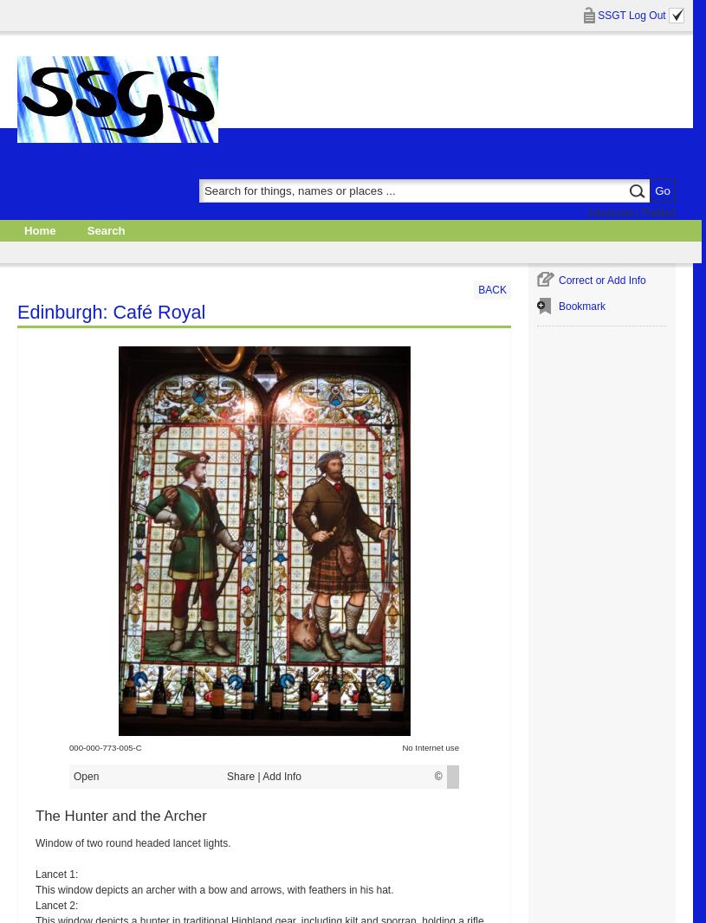 The height and width of the screenshot is (923, 706). I want to click on '000-000-773-005-C', so click(68, 747).